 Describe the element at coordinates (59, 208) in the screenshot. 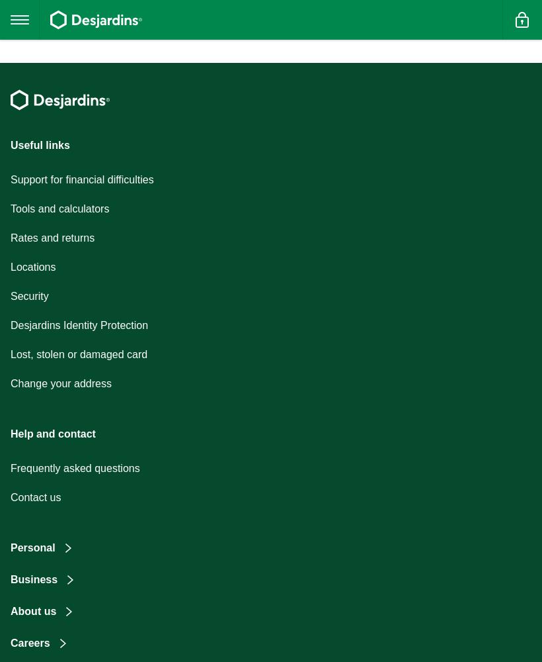

I see `'Tools and calculators'` at that location.